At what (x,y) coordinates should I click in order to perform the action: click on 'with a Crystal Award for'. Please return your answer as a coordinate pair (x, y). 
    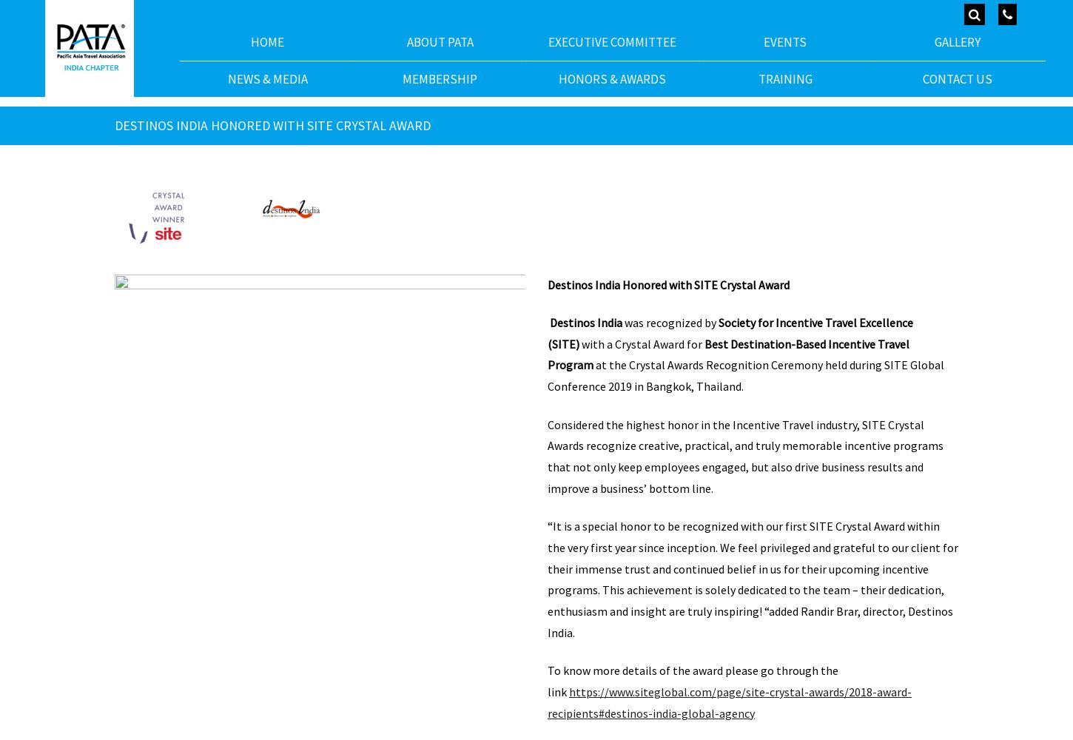
    Looking at the image, I should click on (642, 343).